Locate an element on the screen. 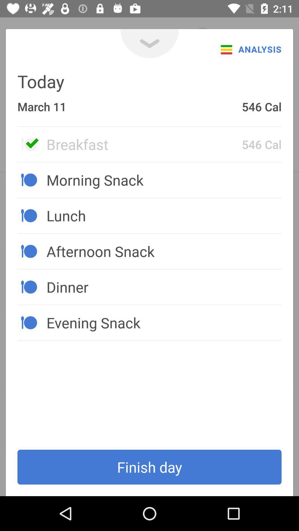 The height and width of the screenshot is (531, 299). the icon to the left of the analysis icon is located at coordinates (149, 43).